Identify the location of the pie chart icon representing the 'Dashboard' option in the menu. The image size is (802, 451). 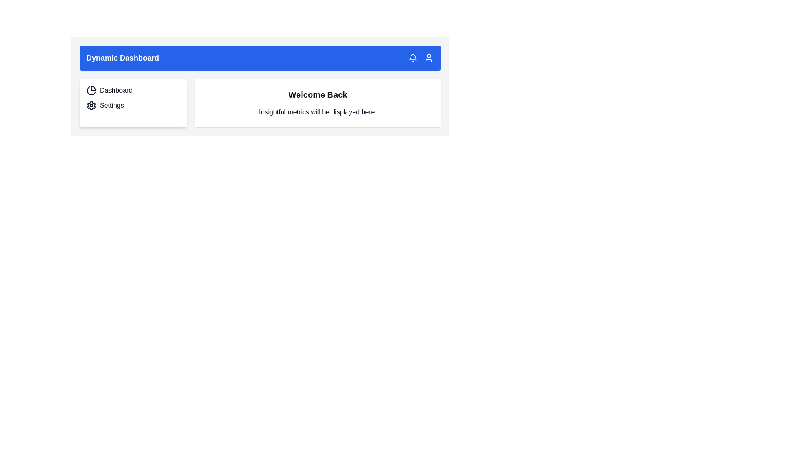
(91, 91).